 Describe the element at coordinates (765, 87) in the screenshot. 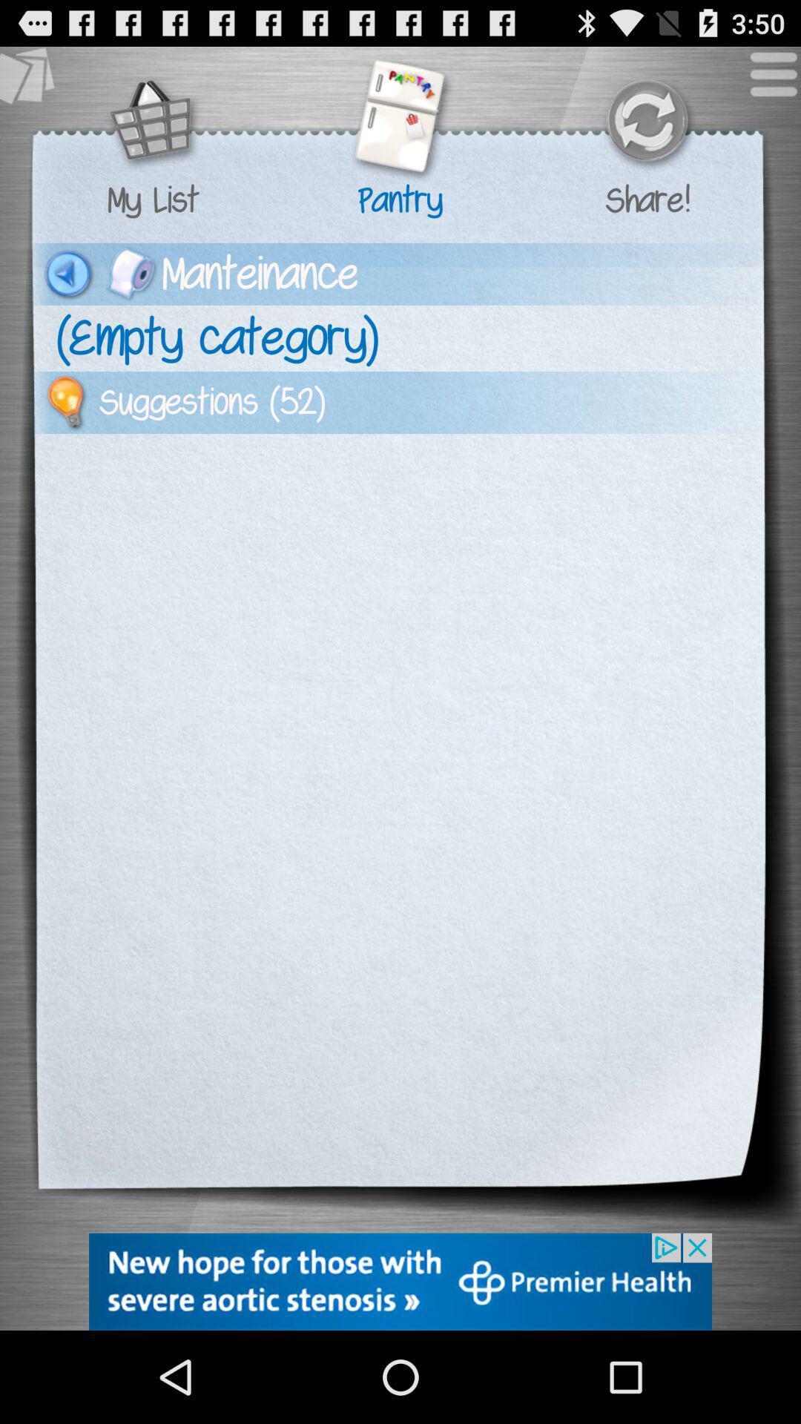

I see `the menu icon` at that location.